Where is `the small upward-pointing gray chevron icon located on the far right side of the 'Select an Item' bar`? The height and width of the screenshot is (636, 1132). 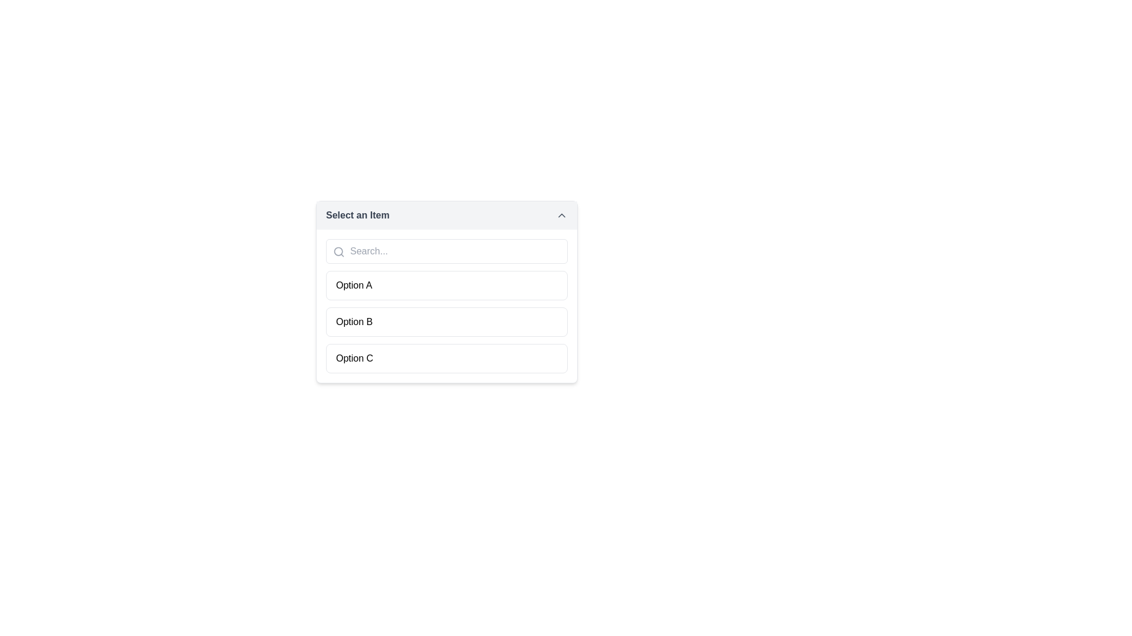 the small upward-pointing gray chevron icon located on the far right side of the 'Select an Item' bar is located at coordinates (561, 216).